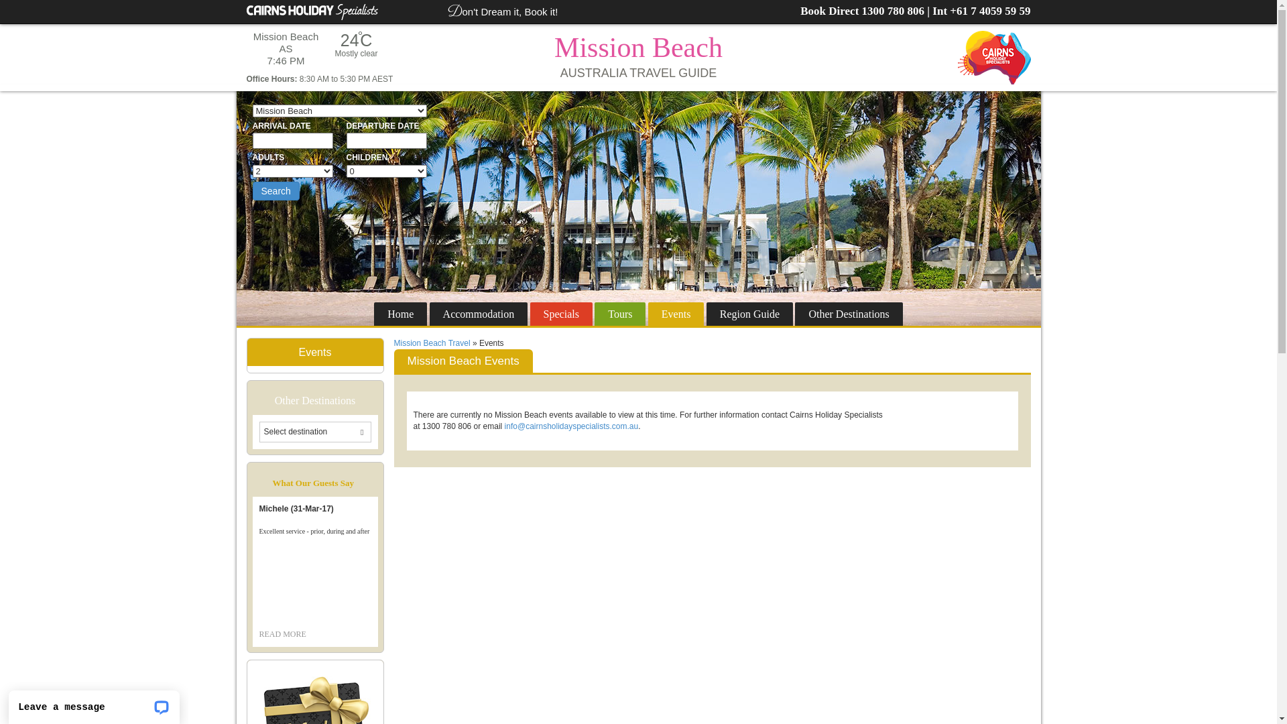  Describe the element at coordinates (373, 314) in the screenshot. I see `'Home'` at that location.